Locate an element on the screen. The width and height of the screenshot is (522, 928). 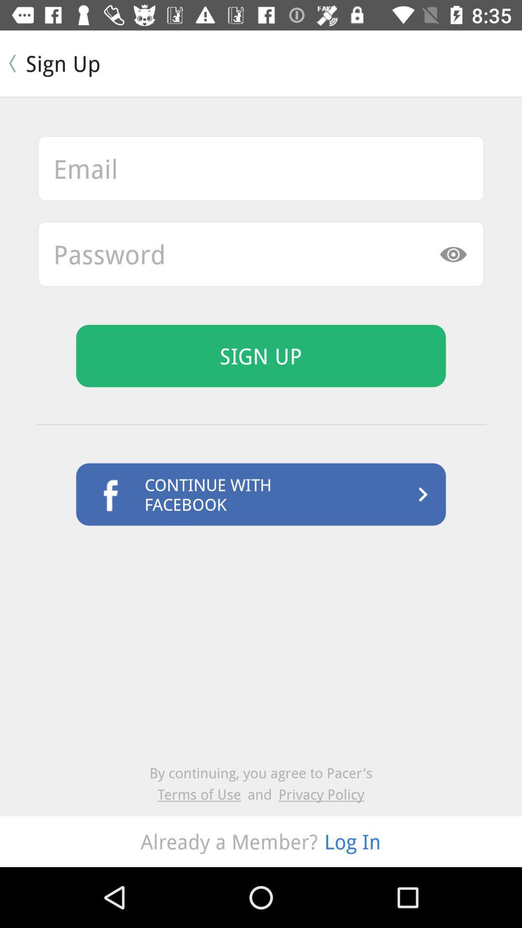
this option email address box is located at coordinates (261, 168).